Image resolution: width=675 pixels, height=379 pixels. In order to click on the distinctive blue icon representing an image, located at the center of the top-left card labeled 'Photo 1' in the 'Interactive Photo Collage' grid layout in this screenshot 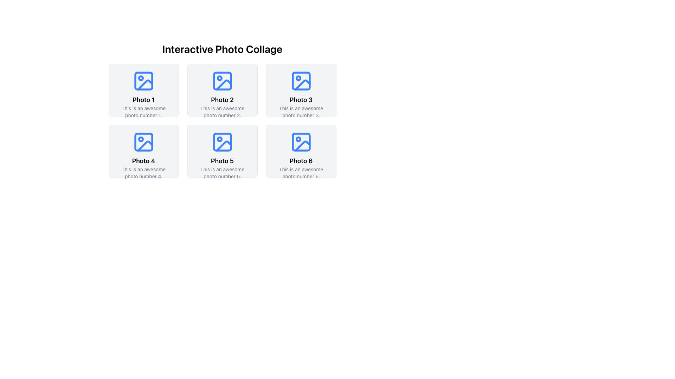, I will do `click(143, 81)`.